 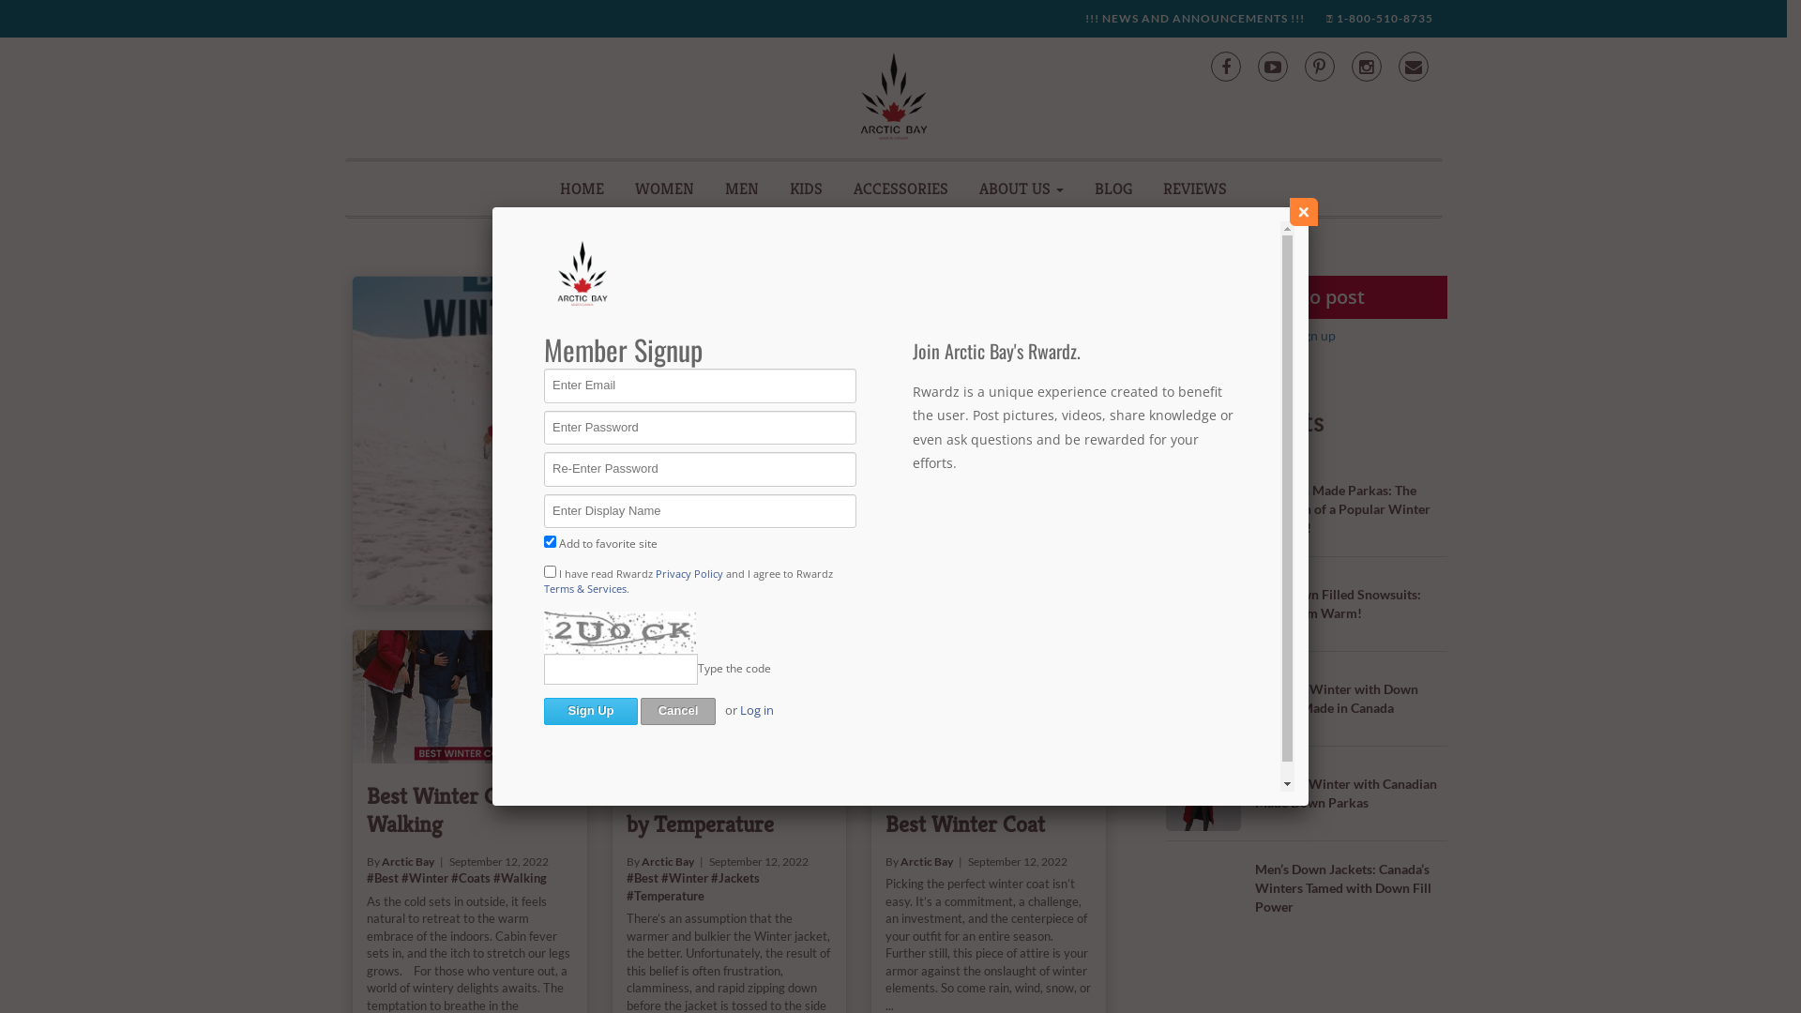 What do you see at coordinates (1192, 18) in the screenshot?
I see `'!!! NEWS AND ANNOUNCEMENTS !!!'` at bounding box center [1192, 18].